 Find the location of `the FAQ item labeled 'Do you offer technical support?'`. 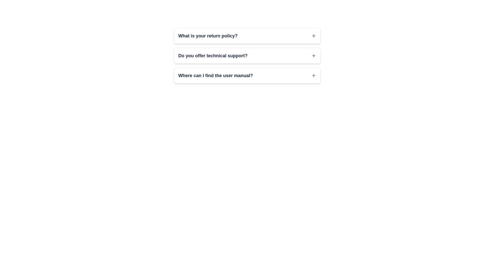

the FAQ item labeled 'Do you offer technical support?' is located at coordinates (247, 56).